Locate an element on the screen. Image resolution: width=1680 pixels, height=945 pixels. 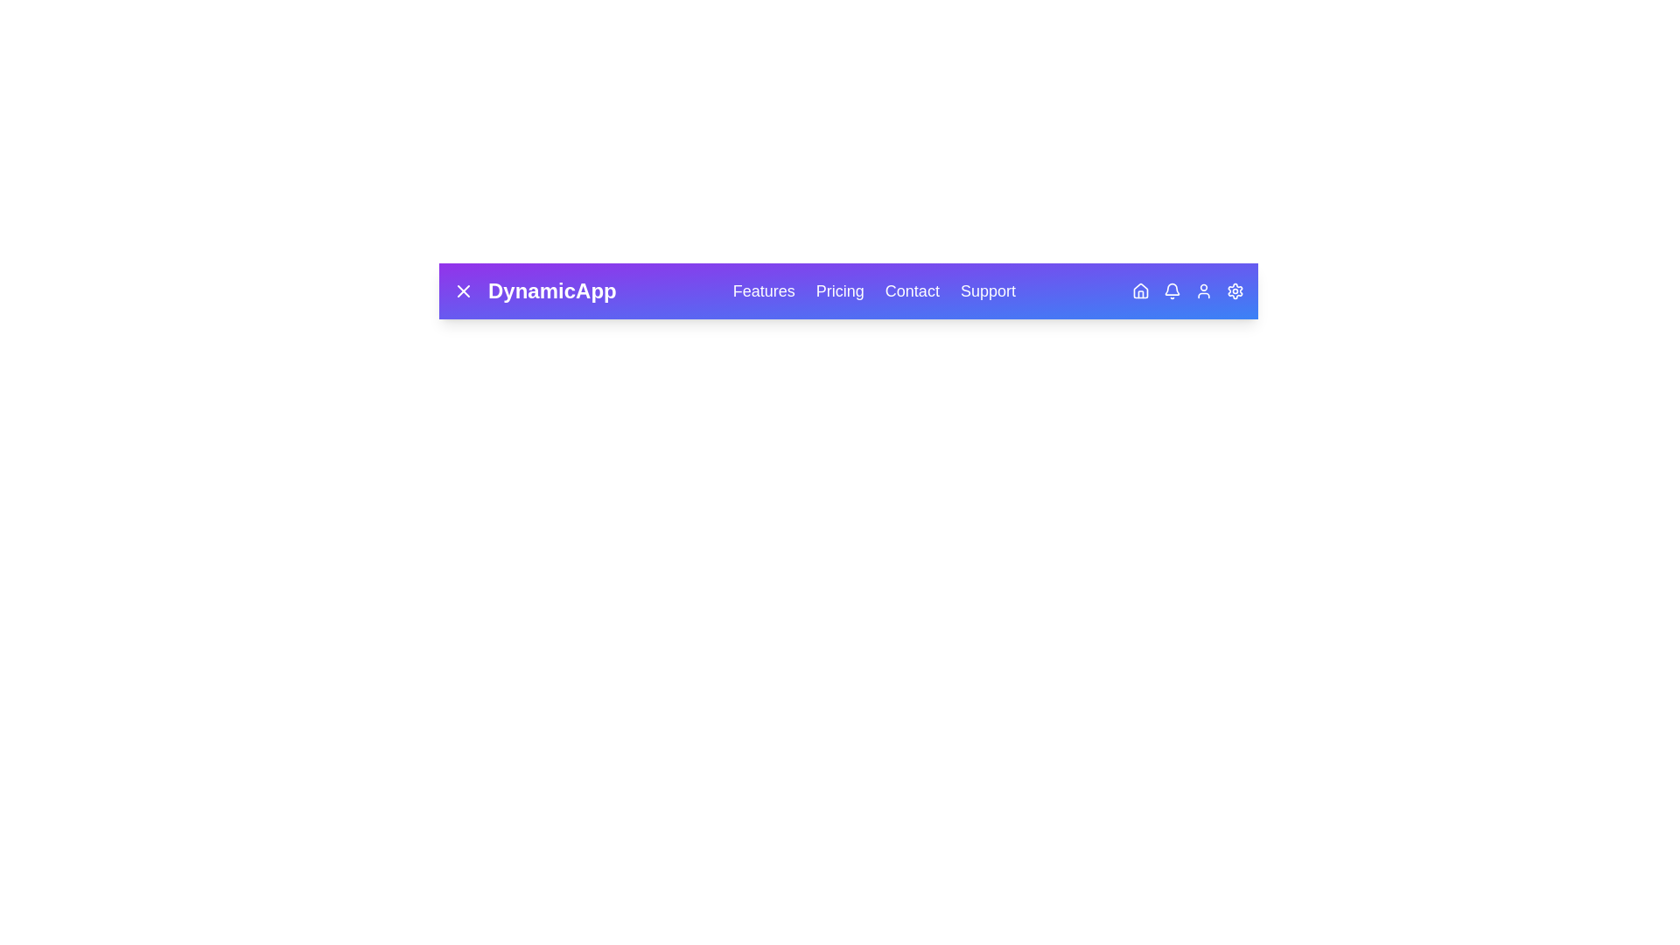
the navigation link labeled Contact to navigate to the respective section is located at coordinates (910, 290).